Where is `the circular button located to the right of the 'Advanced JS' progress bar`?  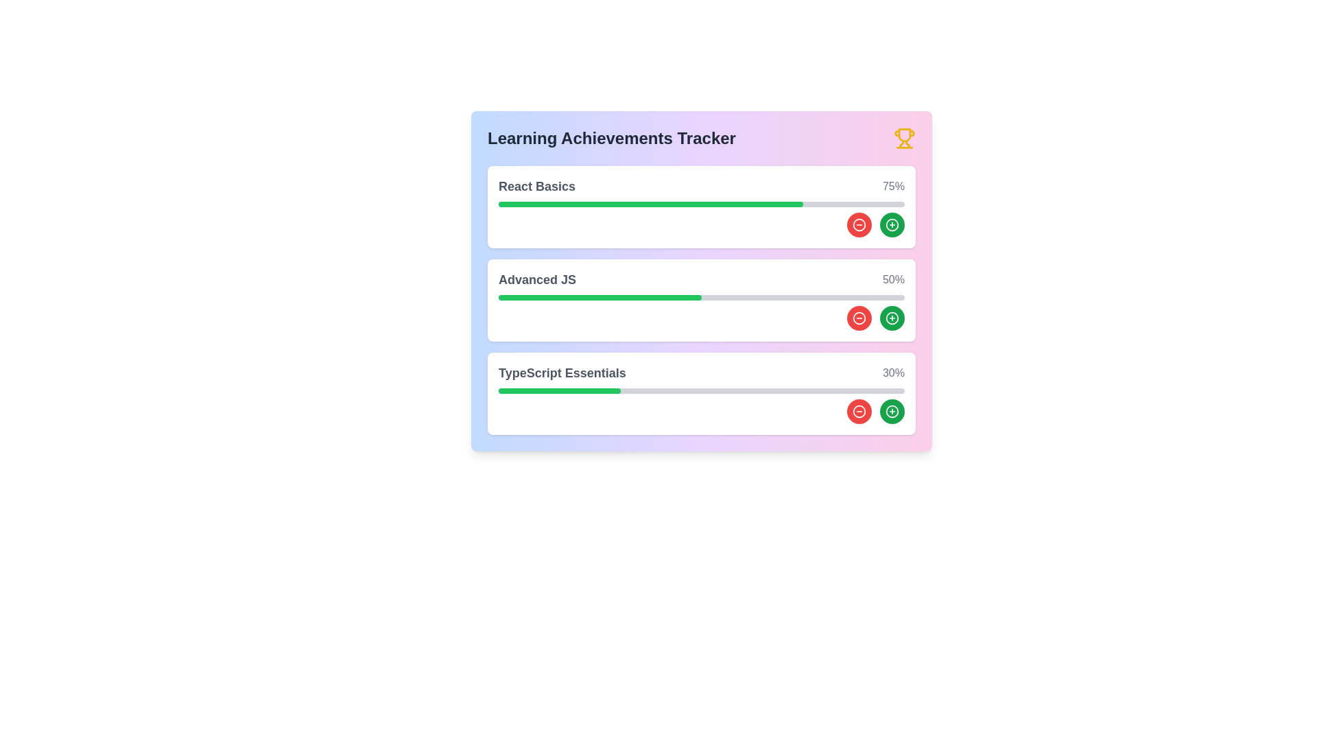 the circular button located to the right of the 'Advanced JS' progress bar is located at coordinates (892, 318).